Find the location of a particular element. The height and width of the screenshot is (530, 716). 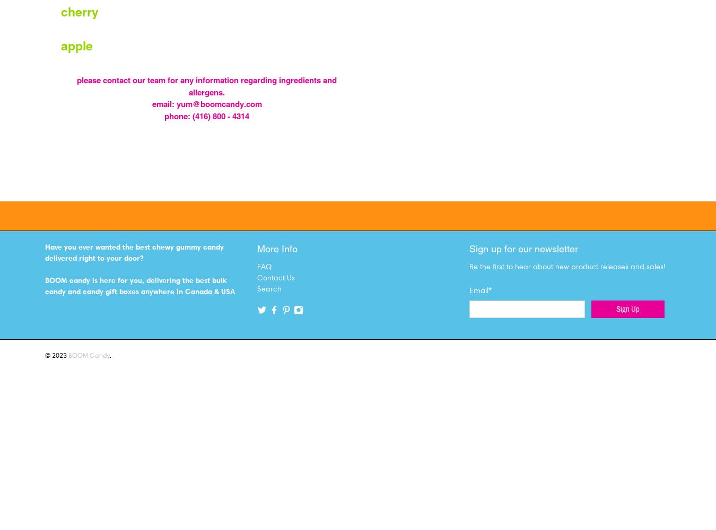

'More Info' is located at coordinates (276, 248).